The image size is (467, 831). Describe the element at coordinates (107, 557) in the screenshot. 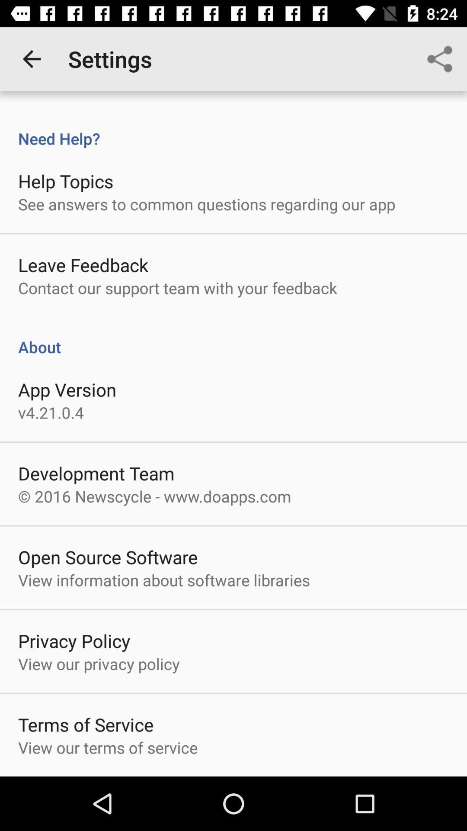

I see `the item above the view information about icon` at that location.